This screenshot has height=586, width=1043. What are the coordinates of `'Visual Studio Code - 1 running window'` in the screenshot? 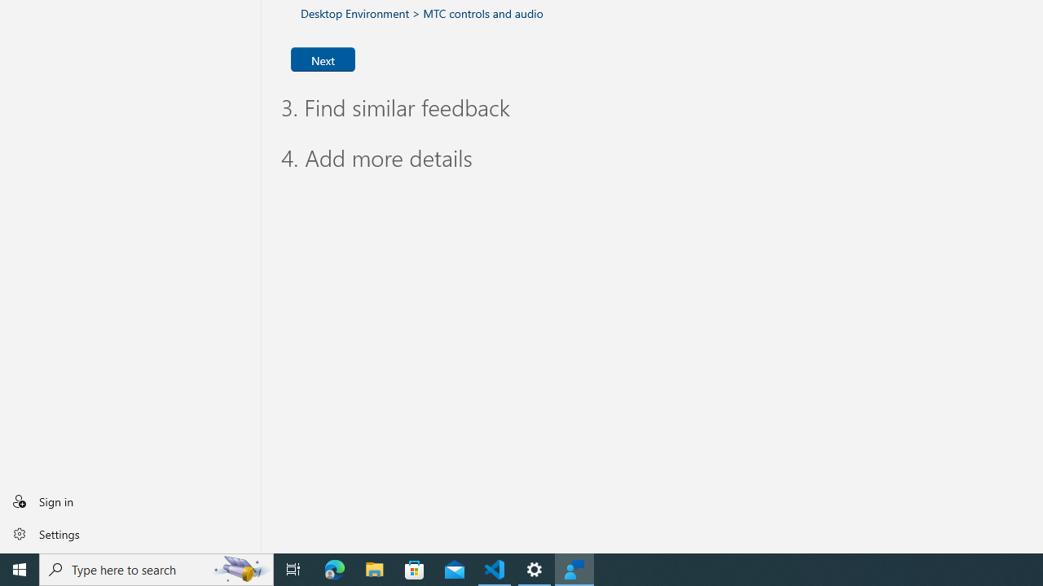 It's located at (494, 568).